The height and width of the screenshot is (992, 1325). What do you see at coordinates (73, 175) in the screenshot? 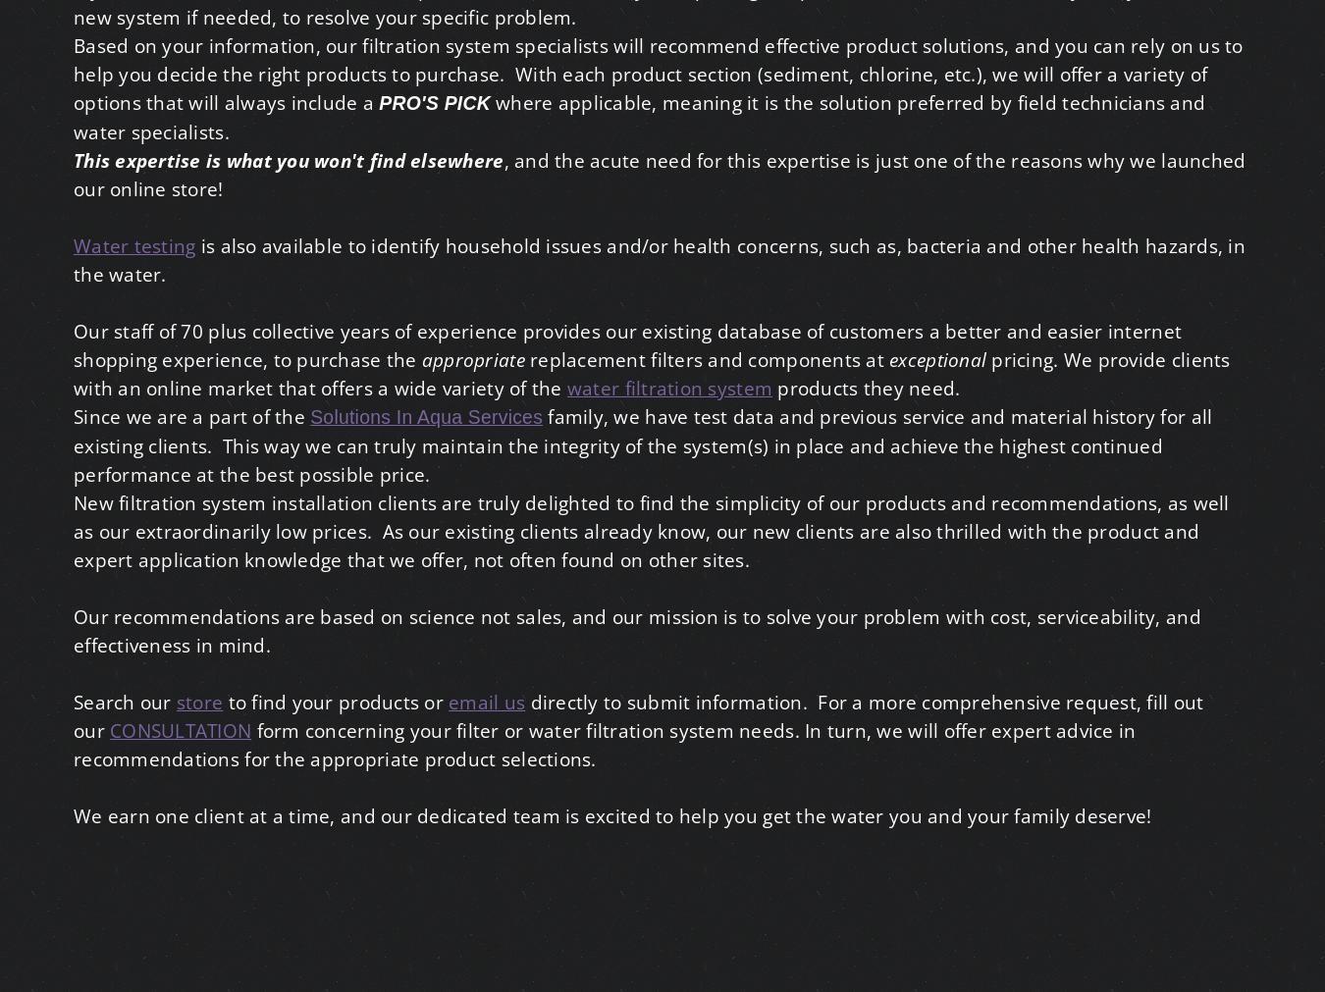
I see `', and the acute need for this expertise is just one of the reasons why we launched our online store!'` at bounding box center [73, 175].